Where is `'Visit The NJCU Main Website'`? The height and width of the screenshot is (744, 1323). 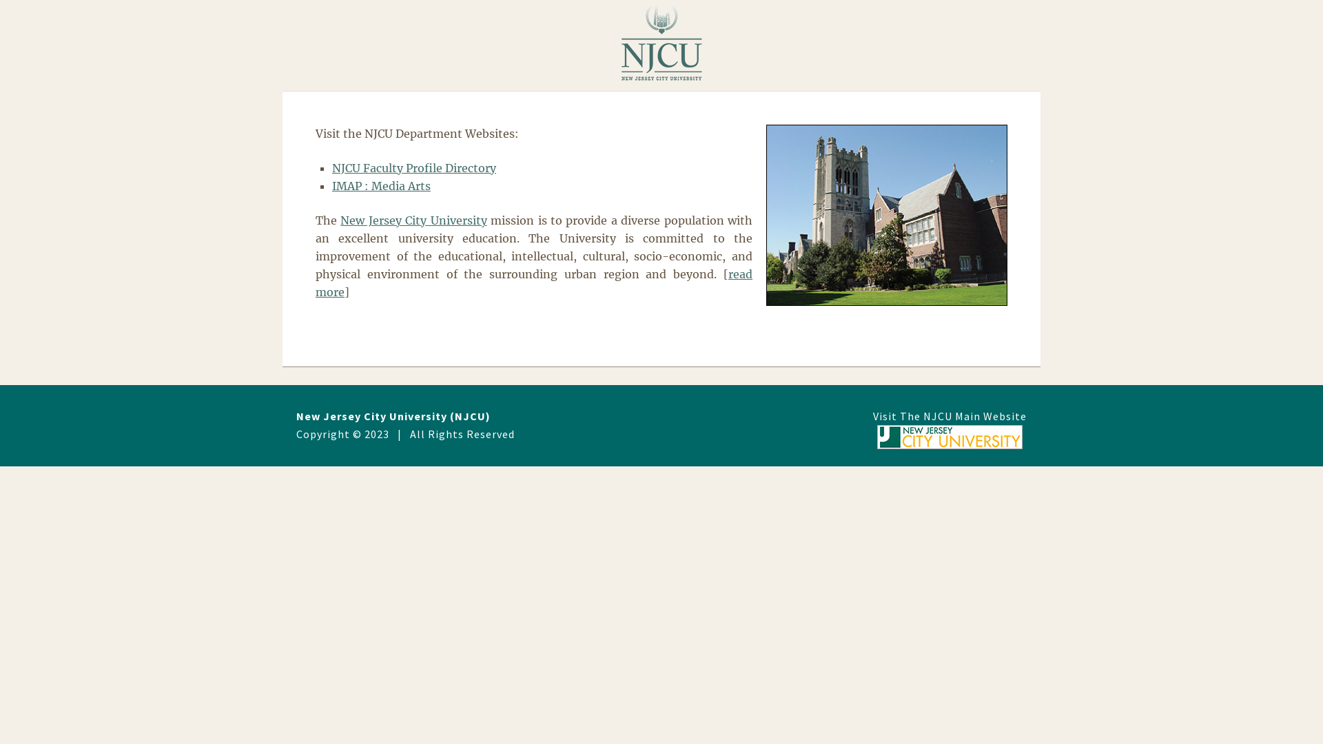
'Visit The NJCU Main Website' is located at coordinates (949, 429).